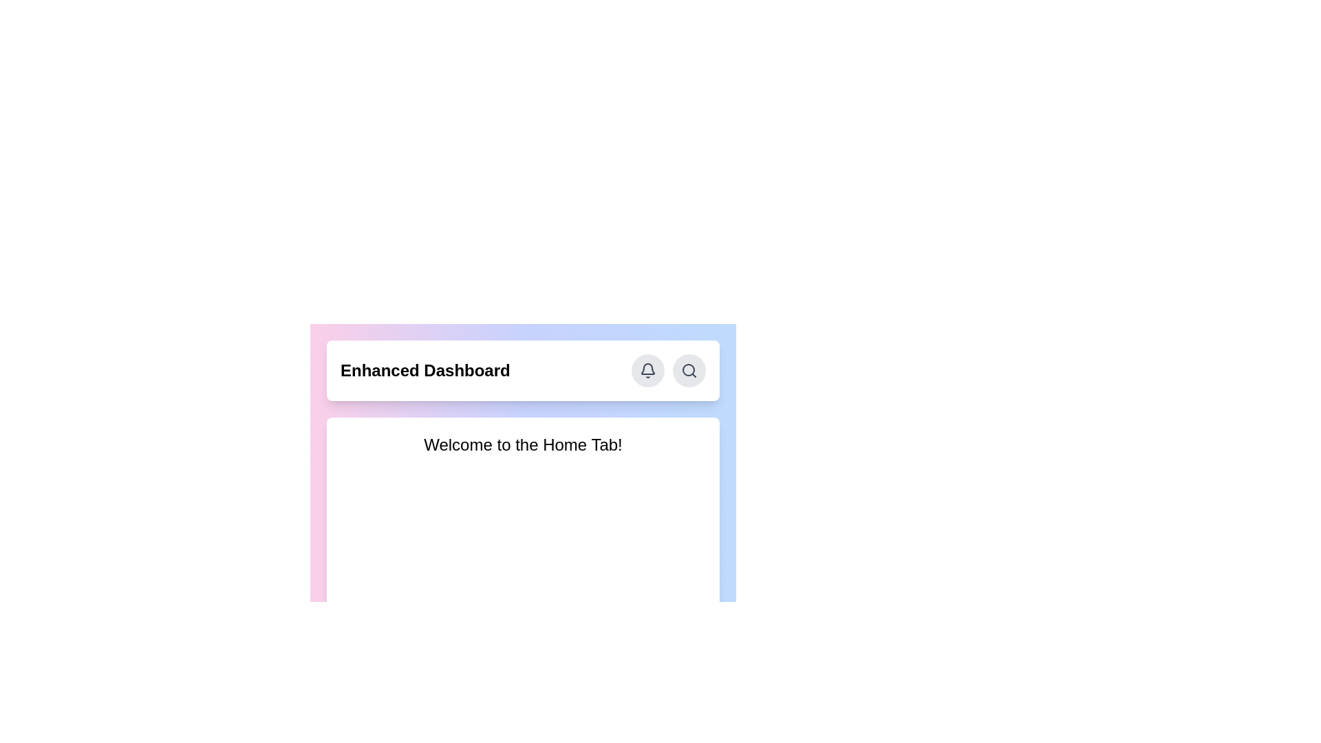 This screenshot has width=1321, height=743. I want to click on the notifications button represented by a bell icon located in the top-right section of the header area to possibly see a tooltip or animation, so click(647, 370).